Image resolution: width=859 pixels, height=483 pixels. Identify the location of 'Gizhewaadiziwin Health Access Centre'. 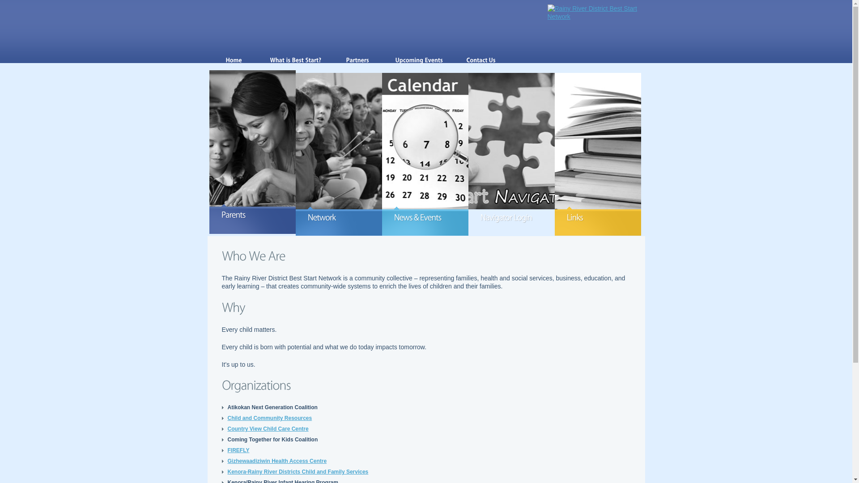
(276, 461).